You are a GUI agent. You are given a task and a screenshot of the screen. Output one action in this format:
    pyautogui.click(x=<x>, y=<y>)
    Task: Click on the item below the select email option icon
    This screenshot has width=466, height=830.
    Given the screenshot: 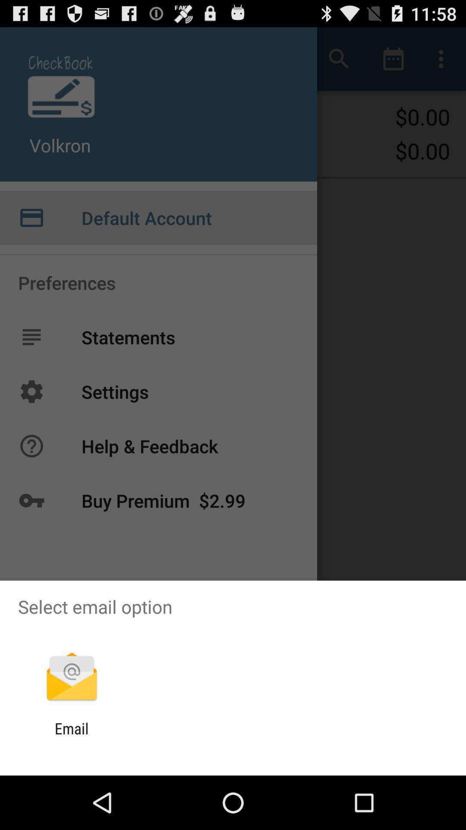 What is the action you would take?
    pyautogui.click(x=71, y=677)
    